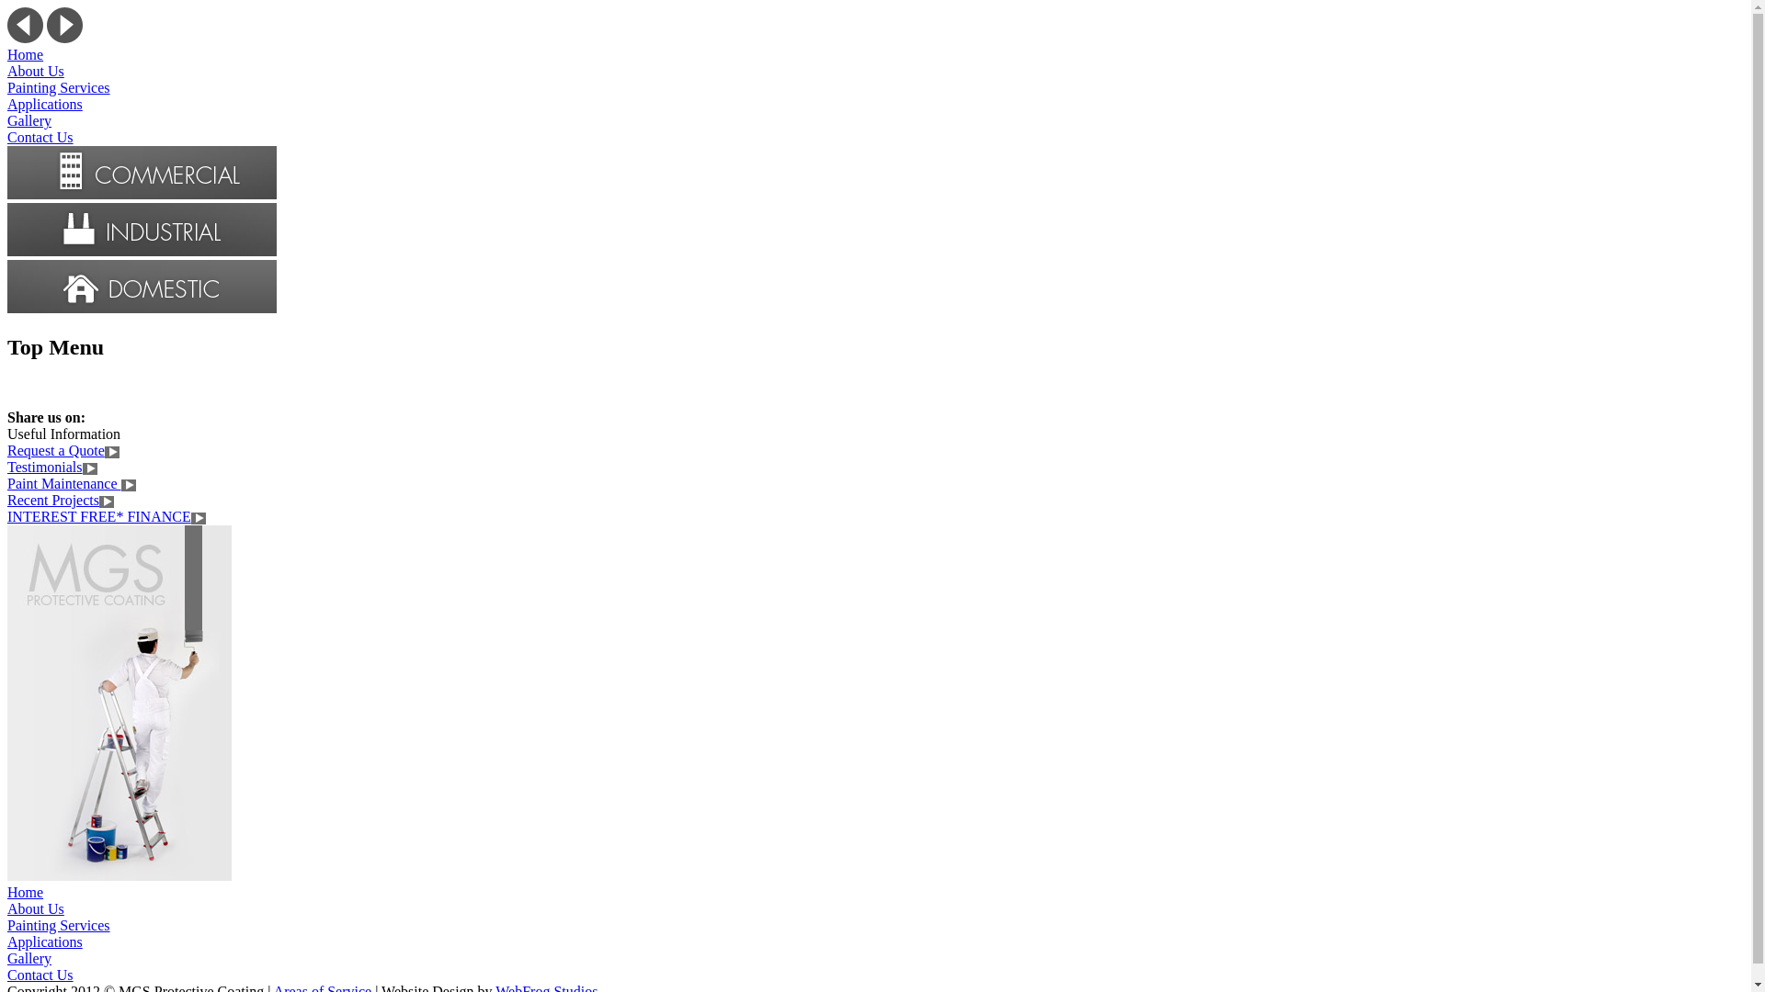  Describe the element at coordinates (58, 87) in the screenshot. I see `'Painting Services'` at that location.